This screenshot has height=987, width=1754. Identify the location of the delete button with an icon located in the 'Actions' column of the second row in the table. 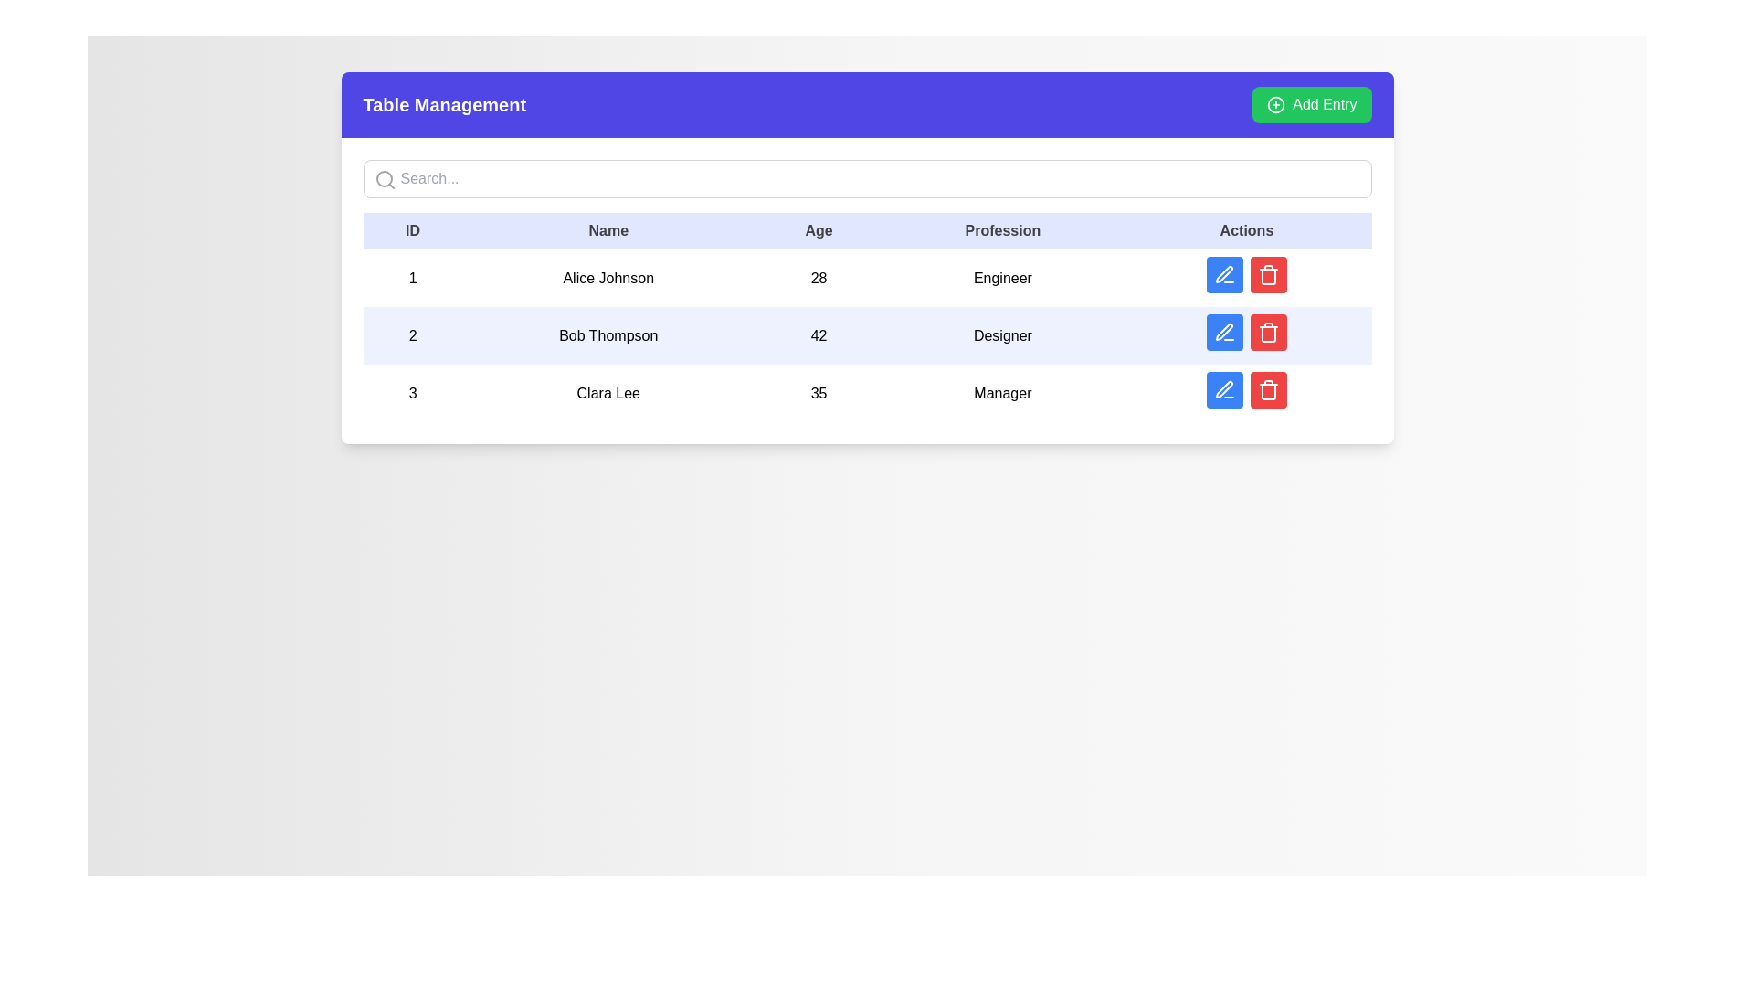
(1267, 274).